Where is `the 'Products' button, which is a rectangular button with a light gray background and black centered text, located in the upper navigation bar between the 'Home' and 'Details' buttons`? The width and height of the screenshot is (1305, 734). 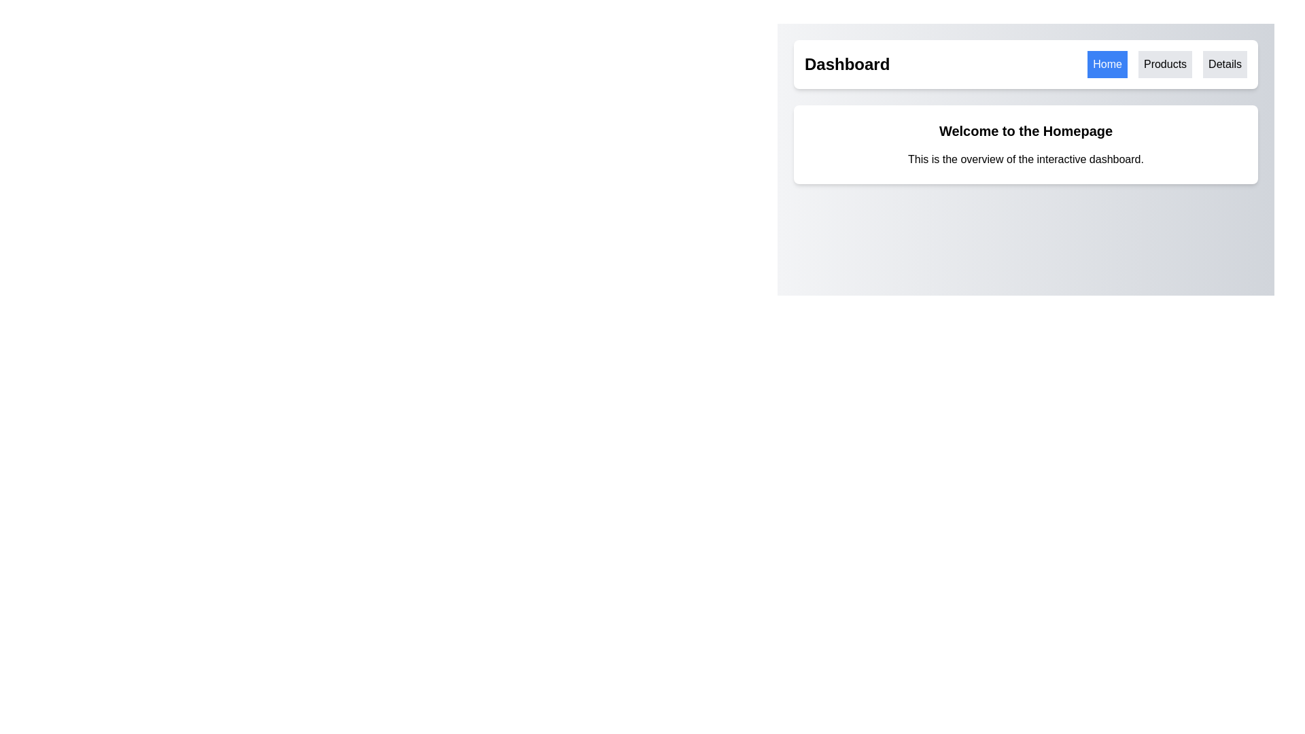
the 'Products' button, which is a rectangular button with a light gray background and black centered text, located in the upper navigation bar between the 'Home' and 'Details' buttons is located at coordinates (1164, 65).